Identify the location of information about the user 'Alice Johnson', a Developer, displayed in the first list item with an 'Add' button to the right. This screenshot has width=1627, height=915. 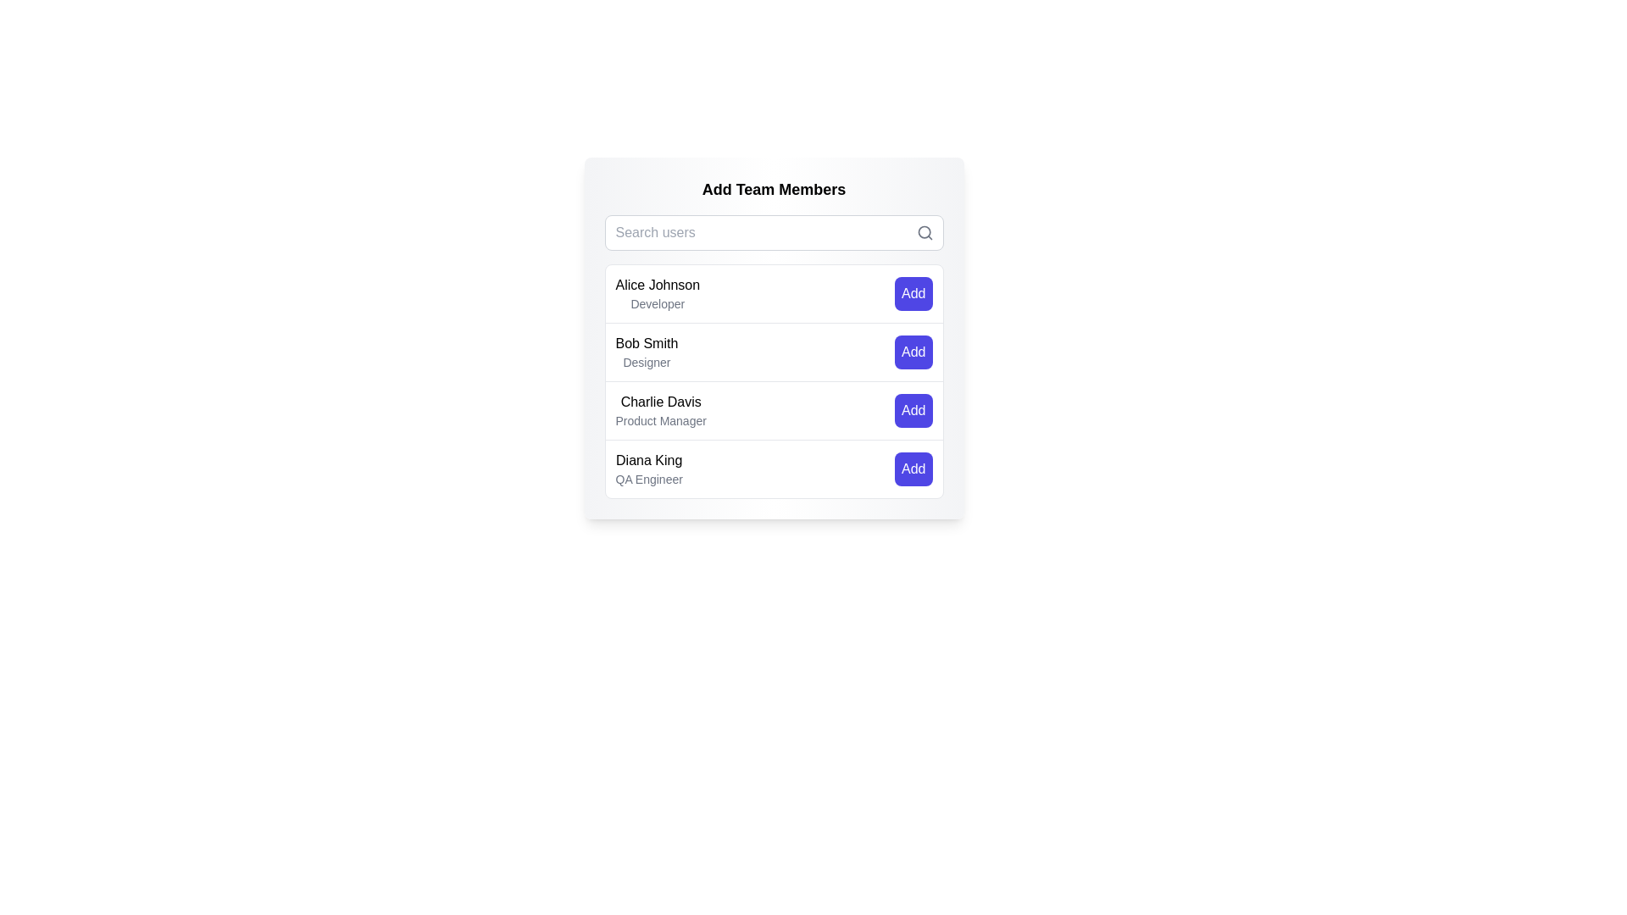
(773, 293).